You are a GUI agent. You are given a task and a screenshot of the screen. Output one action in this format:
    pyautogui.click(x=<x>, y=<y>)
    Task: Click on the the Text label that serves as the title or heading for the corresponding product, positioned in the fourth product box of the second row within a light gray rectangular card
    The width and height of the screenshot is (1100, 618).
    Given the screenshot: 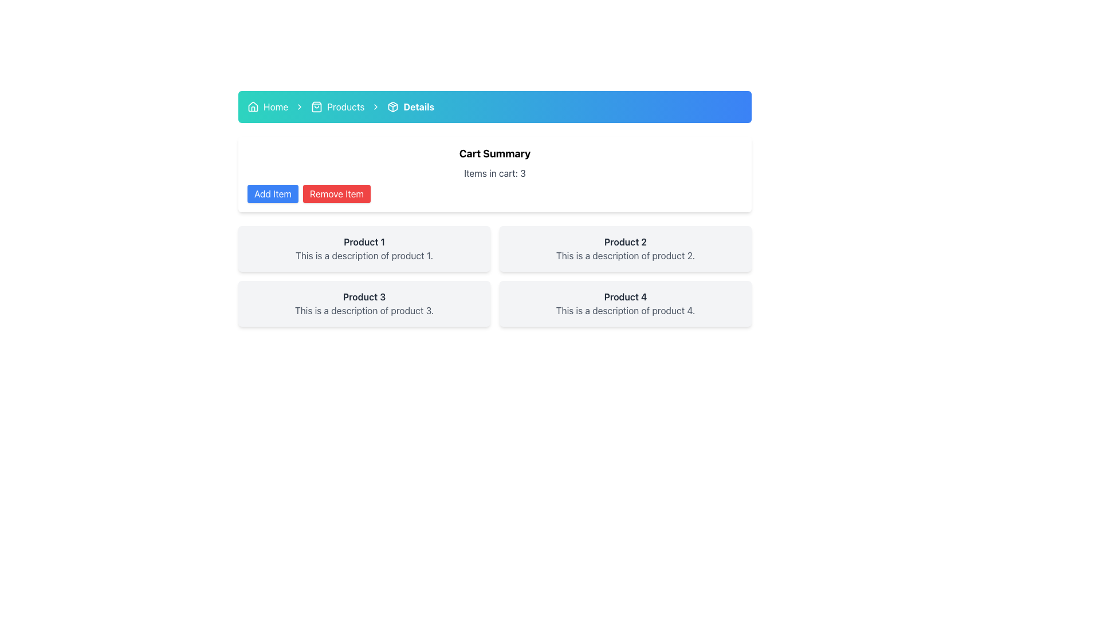 What is the action you would take?
    pyautogui.click(x=624, y=296)
    